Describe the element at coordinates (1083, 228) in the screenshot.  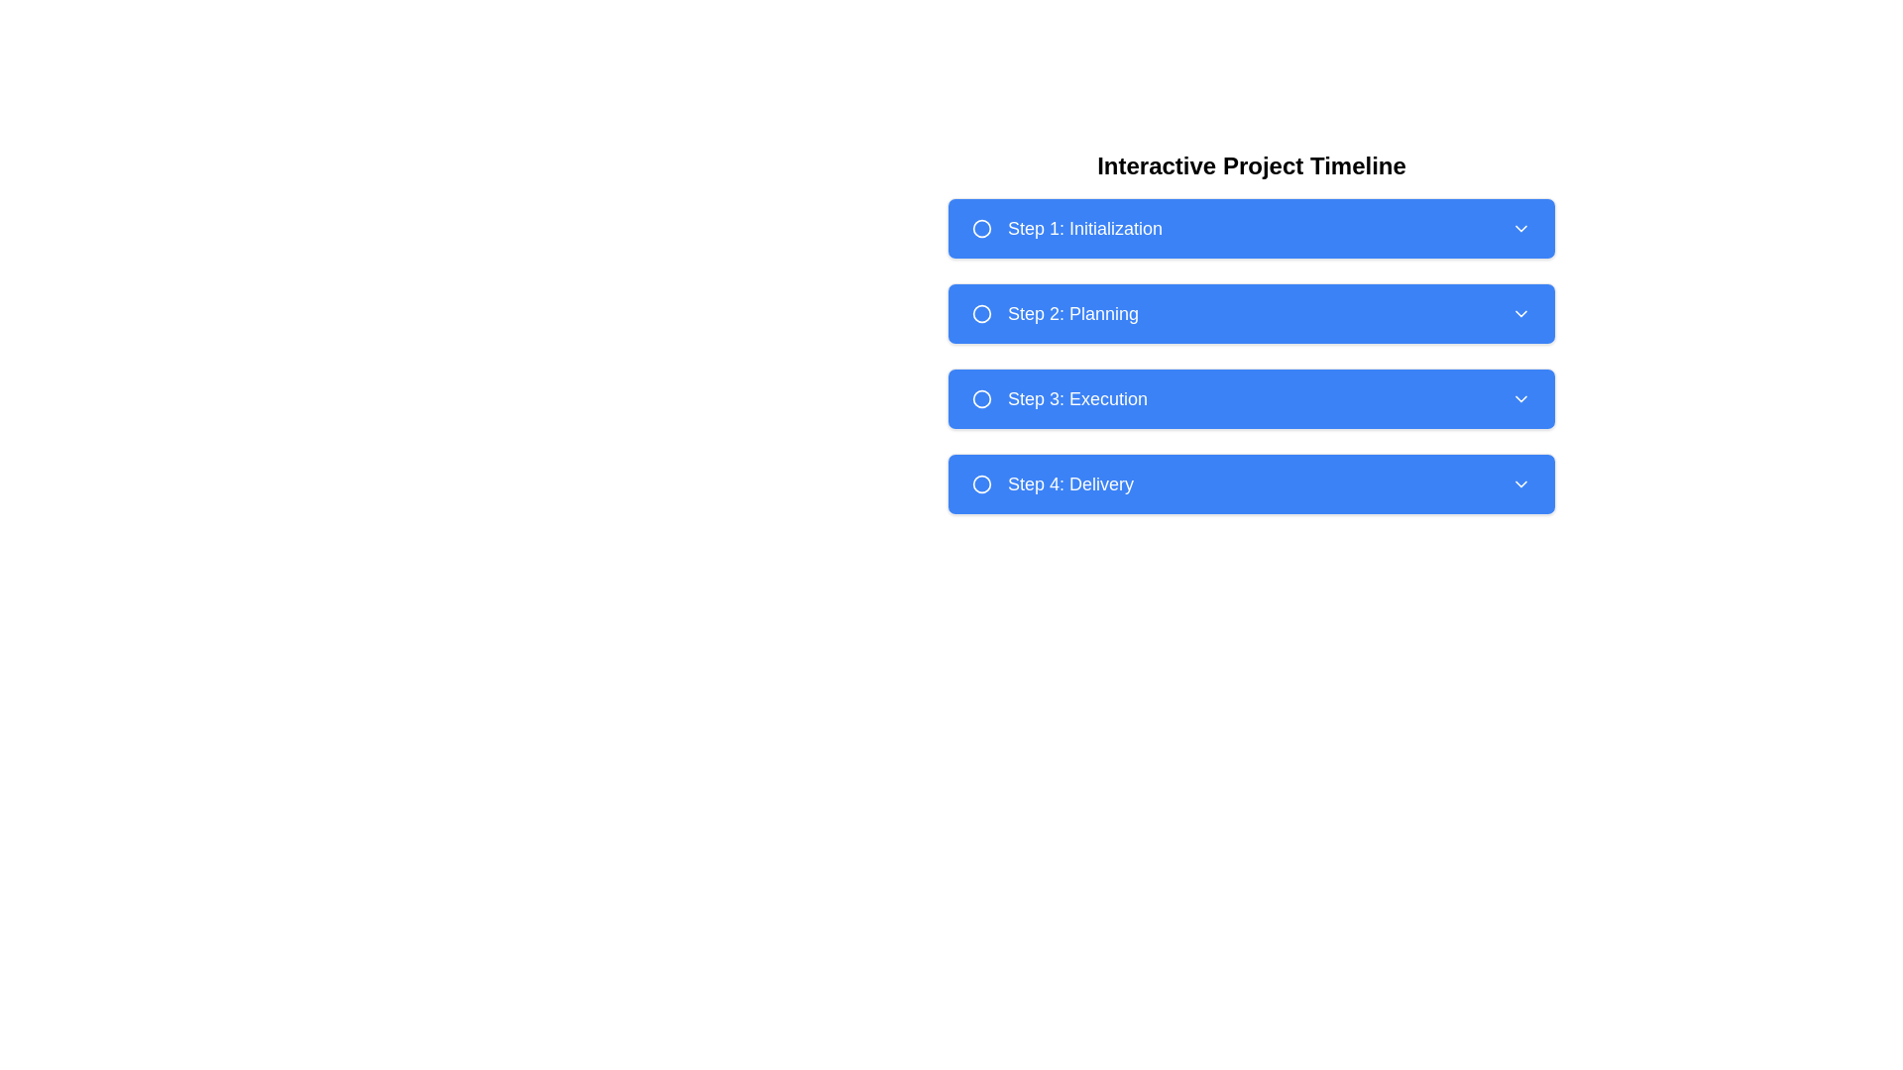
I see `the text label displaying 'Step 1: Initialization' which is part of the first section of a vertically aligned timeline, styled with a large font on a blue background` at that location.